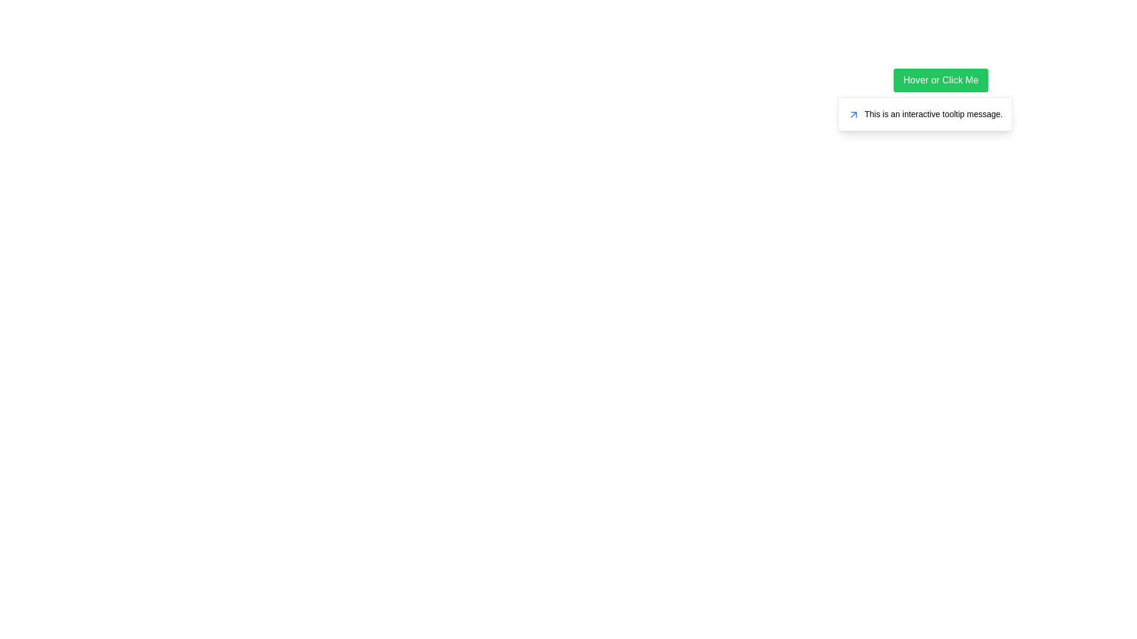  What do you see at coordinates (924, 114) in the screenshot?
I see `the tooltip element, which is a rectangular box with a white background, containing a blue outlined arrow icon and the text 'This is an interactive tooltip message.' positioned directly below the green button labeled 'Hover or Click Me.'` at bounding box center [924, 114].